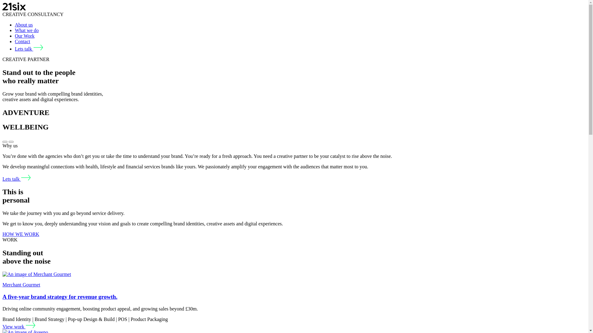 This screenshot has width=593, height=333. I want to click on 'Lets talk', so click(29, 48).